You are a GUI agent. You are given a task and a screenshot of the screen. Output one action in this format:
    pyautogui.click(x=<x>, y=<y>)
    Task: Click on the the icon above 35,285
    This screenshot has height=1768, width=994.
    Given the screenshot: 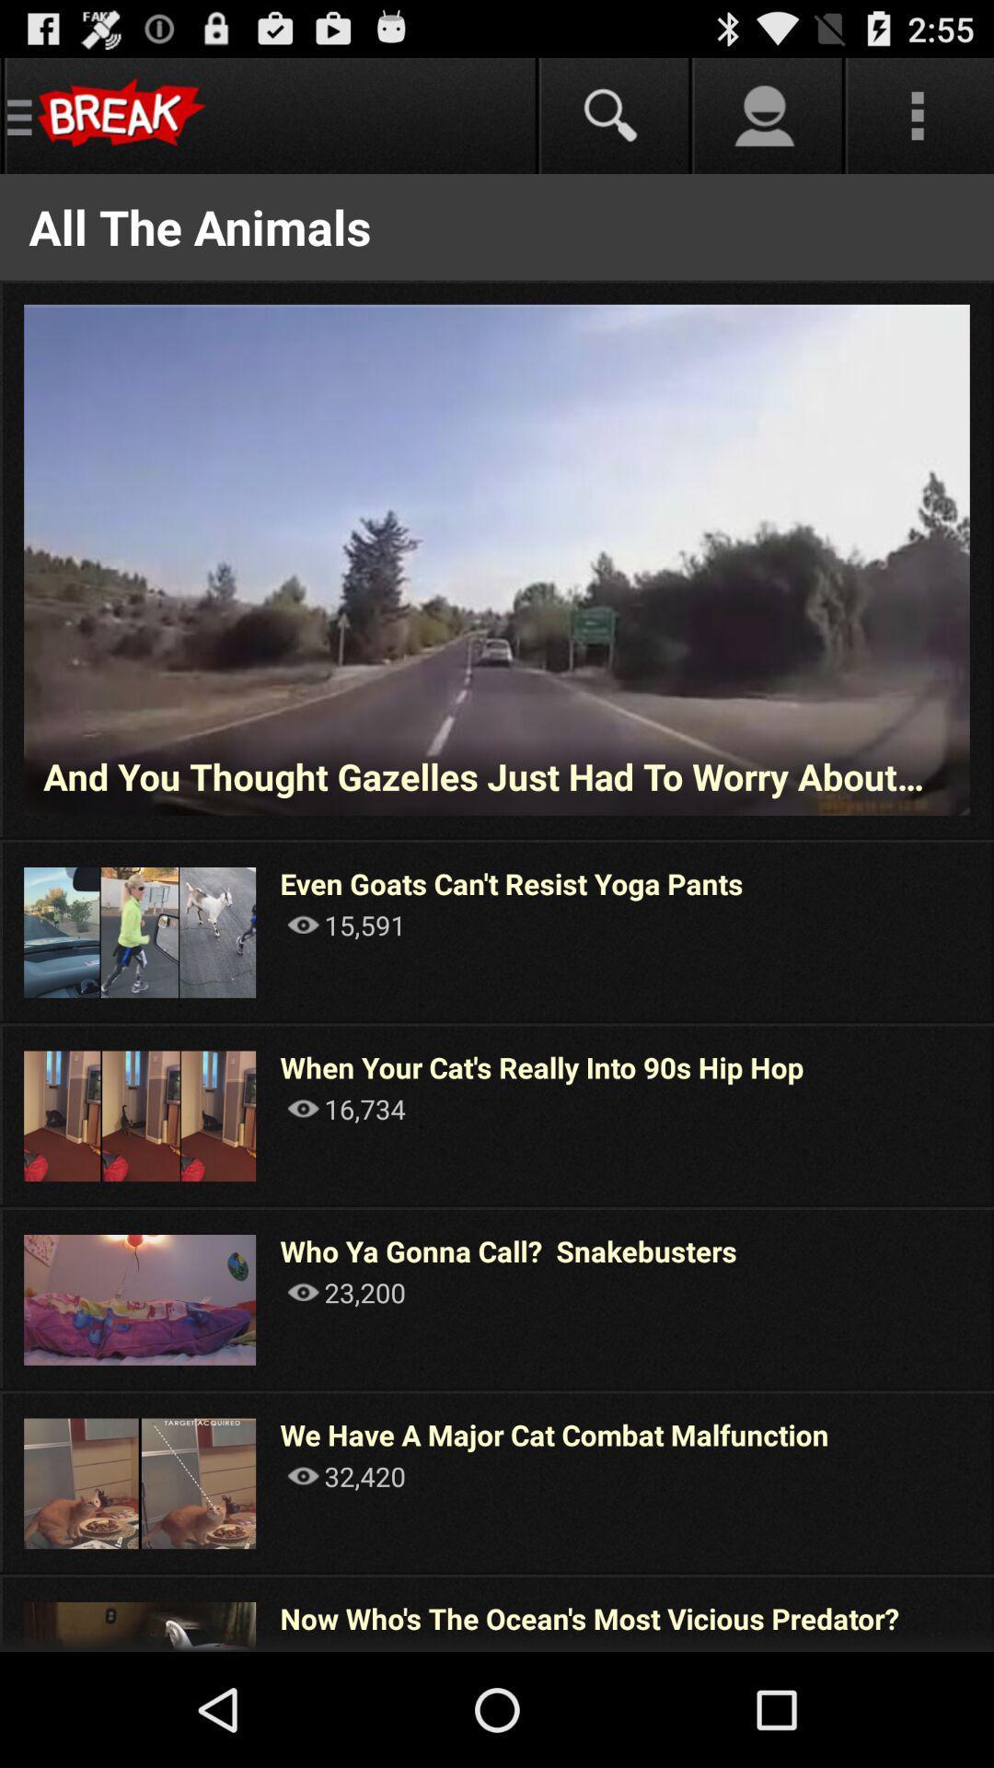 What is the action you would take?
    pyautogui.click(x=589, y=1617)
    